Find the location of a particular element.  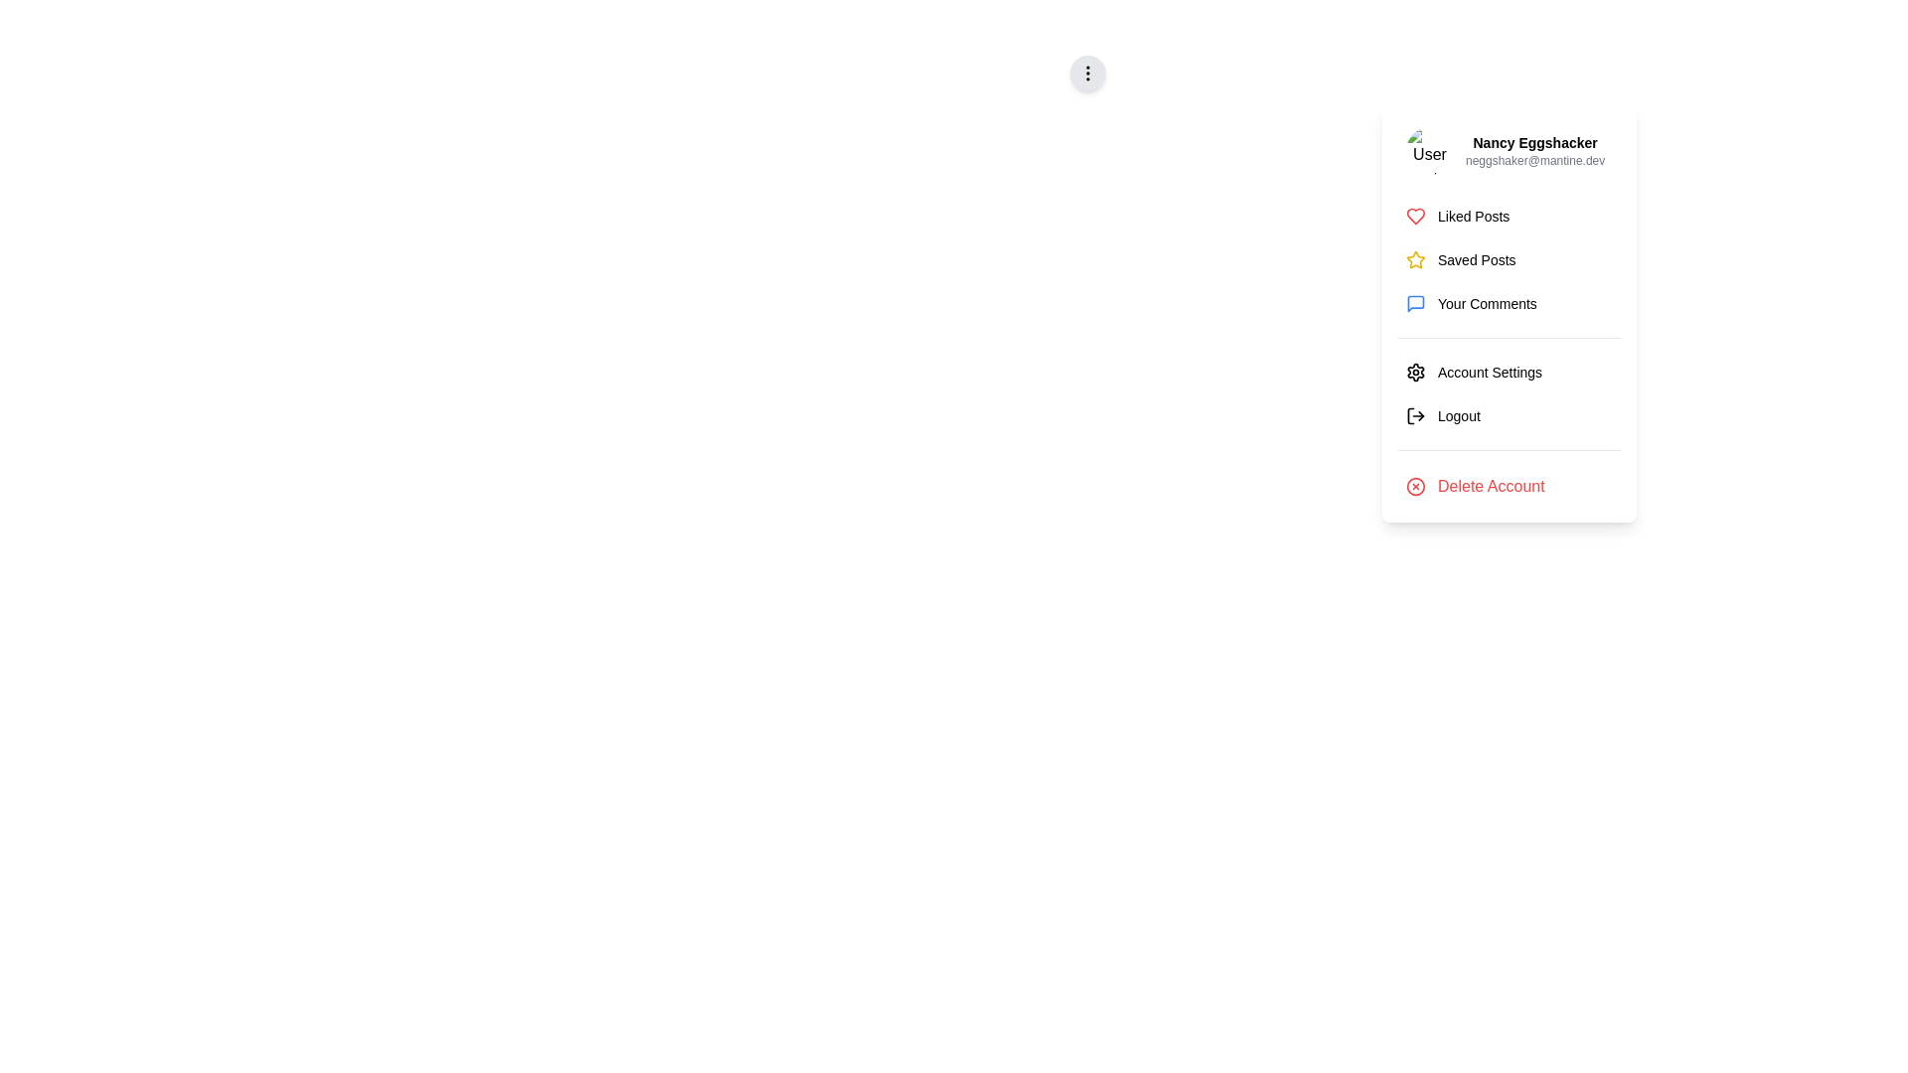

the 'Saved Posts' navigation item, which is the second item in the user menu list, to change its background color is located at coordinates (1509, 259).